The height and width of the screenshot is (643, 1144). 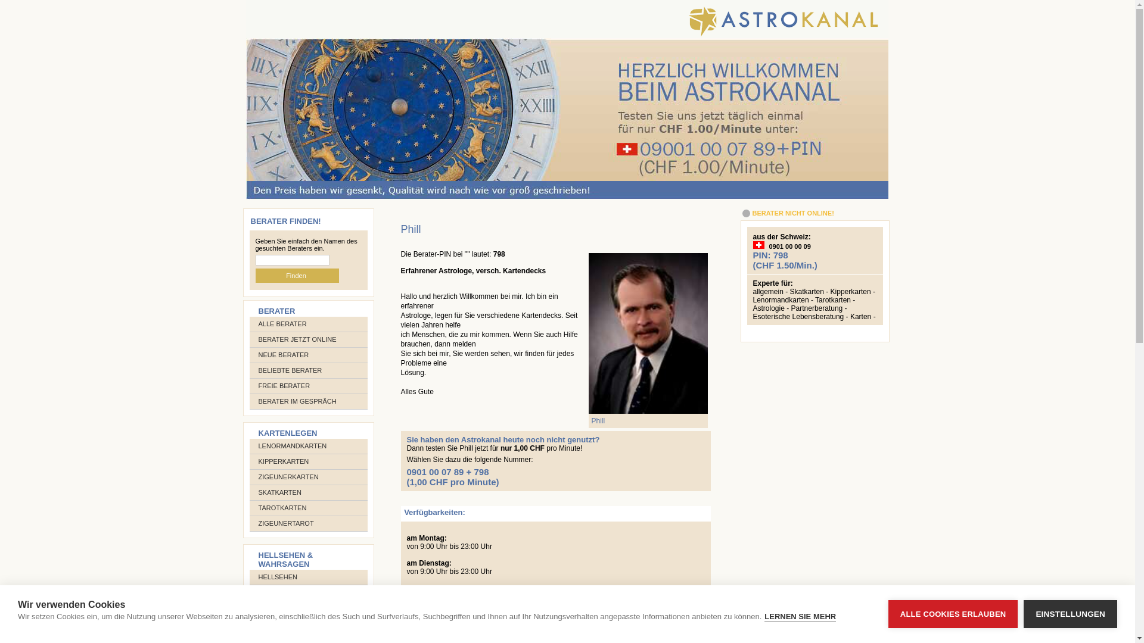 I want to click on 'ZIGEUNERKARTEN', so click(x=288, y=476).